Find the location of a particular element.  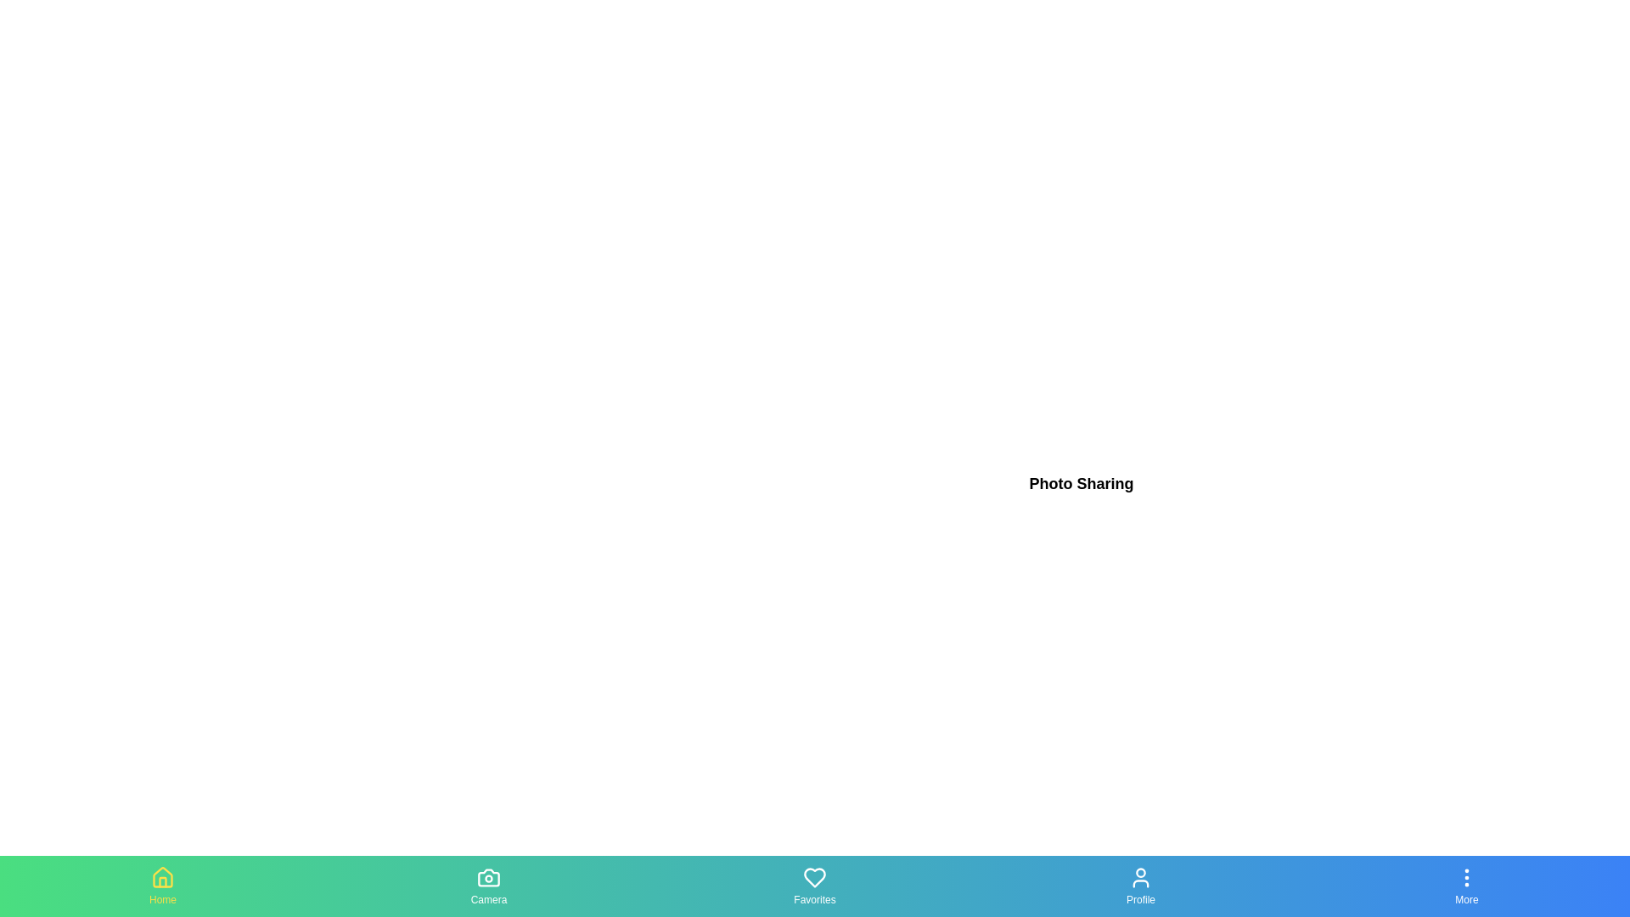

the Profile tab in the navigation bar to switch views is located at coordinates (1141, 886).